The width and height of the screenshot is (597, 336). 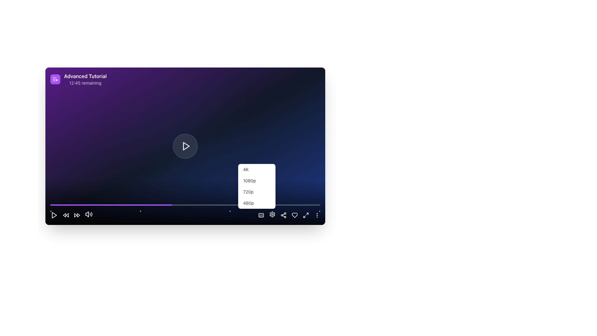 I want to click on the heart icon button located at the bottom-right corner of the video player interface, so click(x=294, y=215).